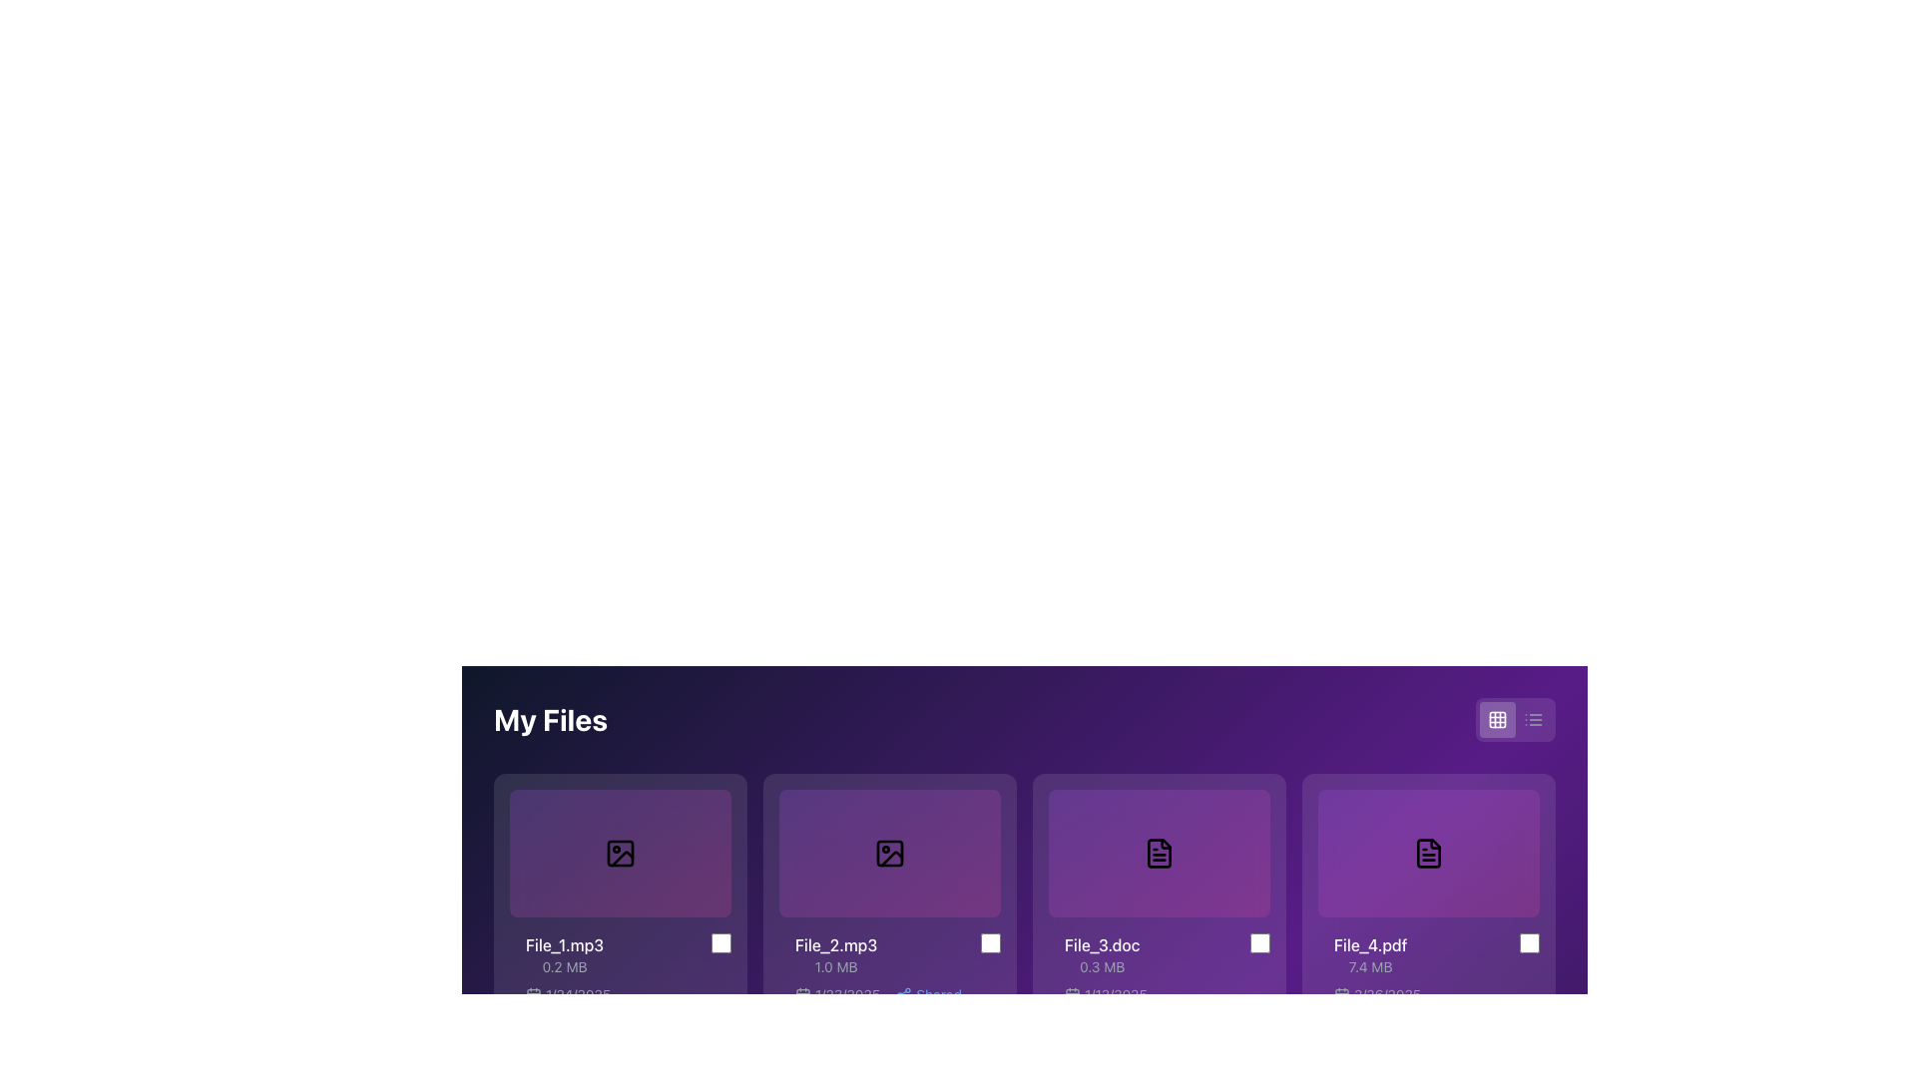 The width and height of the screenshot is (1916, 1077). What do you see at coordinates (1369, 953) in the screenshot?
I see `displayed text from the label that shows the file name and size for 'File_4.pdf', which is located at the bottom-right area of the fourth file card in a horizontal list` at bounding box center [1369, 953].